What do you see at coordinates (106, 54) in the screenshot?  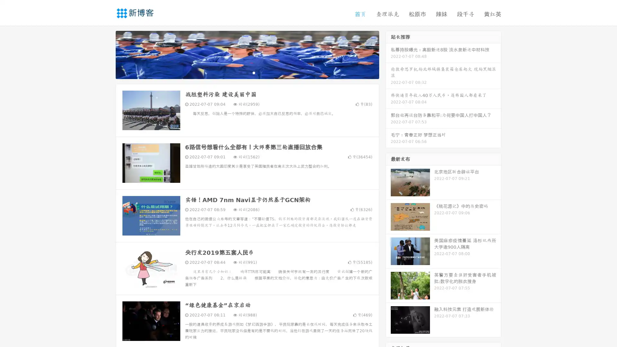 I see `Previous slide` at bounding box center [106, 54].